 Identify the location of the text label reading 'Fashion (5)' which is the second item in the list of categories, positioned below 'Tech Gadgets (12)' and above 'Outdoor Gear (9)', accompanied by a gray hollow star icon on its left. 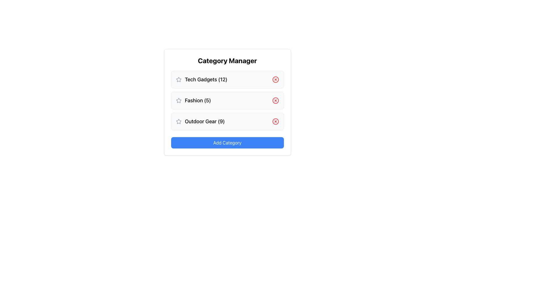
(193, 100).